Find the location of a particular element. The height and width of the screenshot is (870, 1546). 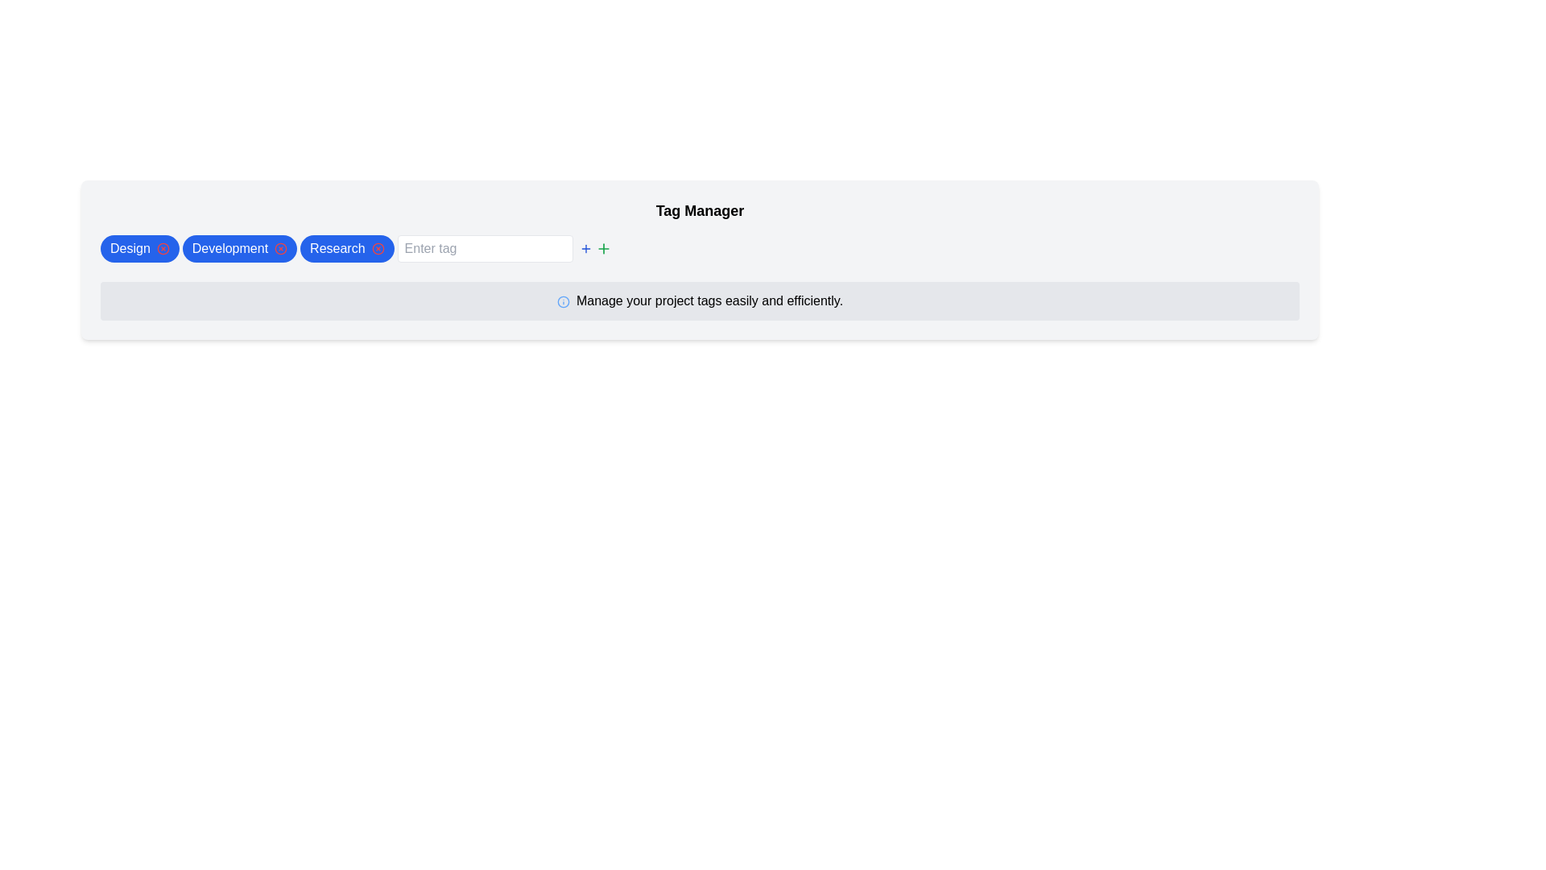

the first button labeled 'Design' which is styled for filtering or categorization, located at the upper-left section of the interface is located at coordinates (139, 248).